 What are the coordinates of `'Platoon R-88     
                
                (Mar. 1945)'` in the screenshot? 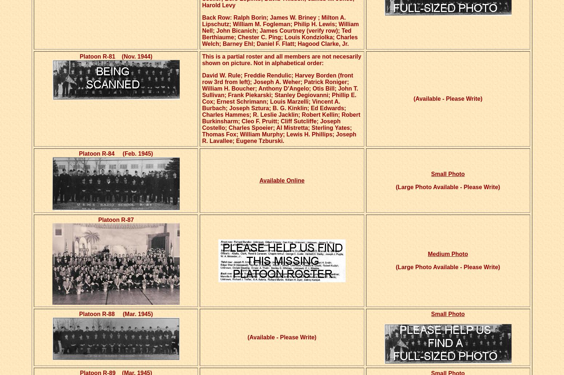 It's located at (115, 314).